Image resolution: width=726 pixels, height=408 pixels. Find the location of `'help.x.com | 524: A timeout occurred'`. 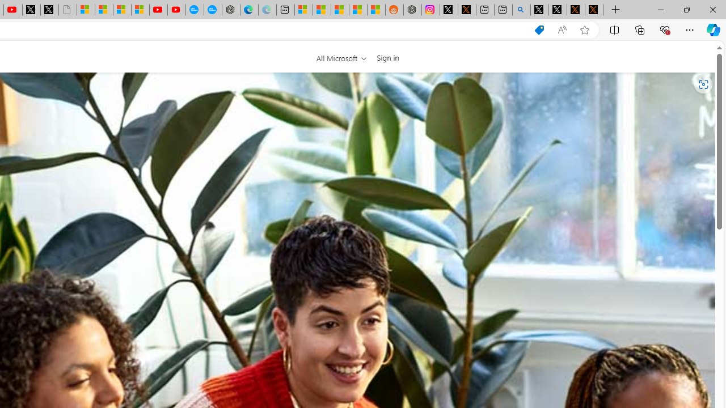

'help.x.com | 524: A timeout occurred' is located at coordinates (467, 10).